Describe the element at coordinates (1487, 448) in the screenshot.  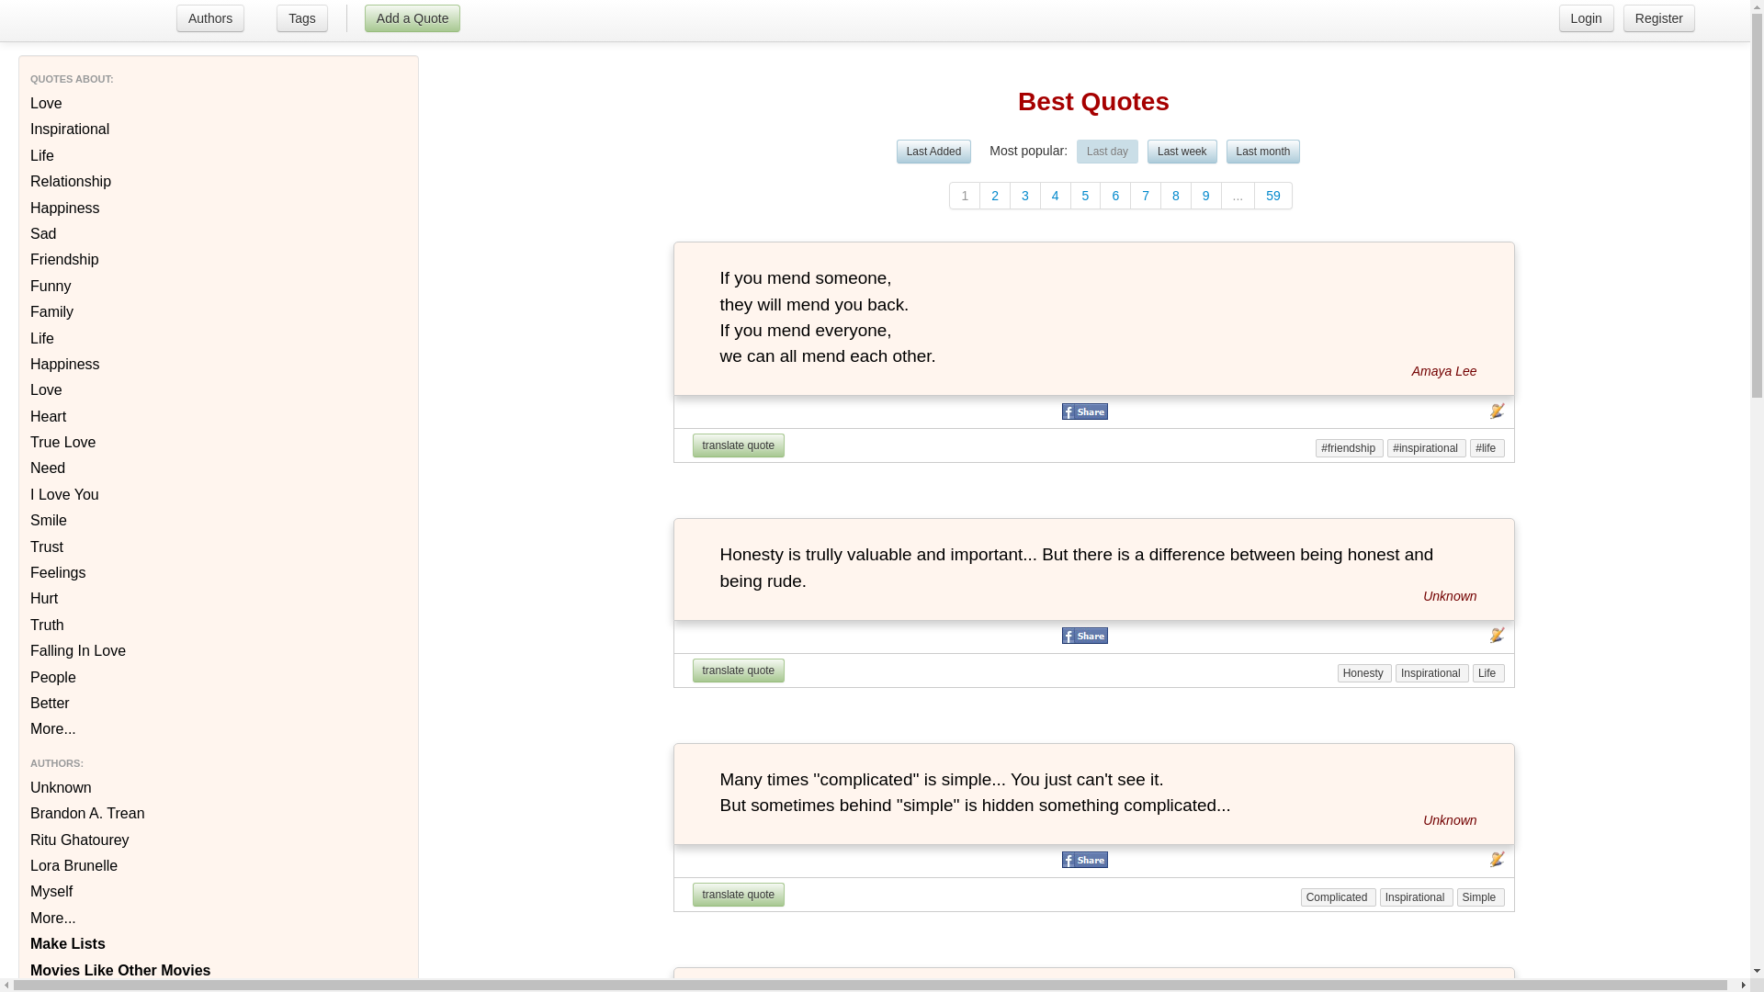
I see `'#life '` at that location.